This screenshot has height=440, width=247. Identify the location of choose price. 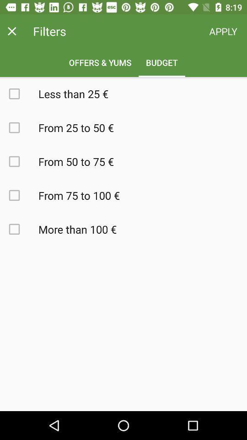
(19, 93).